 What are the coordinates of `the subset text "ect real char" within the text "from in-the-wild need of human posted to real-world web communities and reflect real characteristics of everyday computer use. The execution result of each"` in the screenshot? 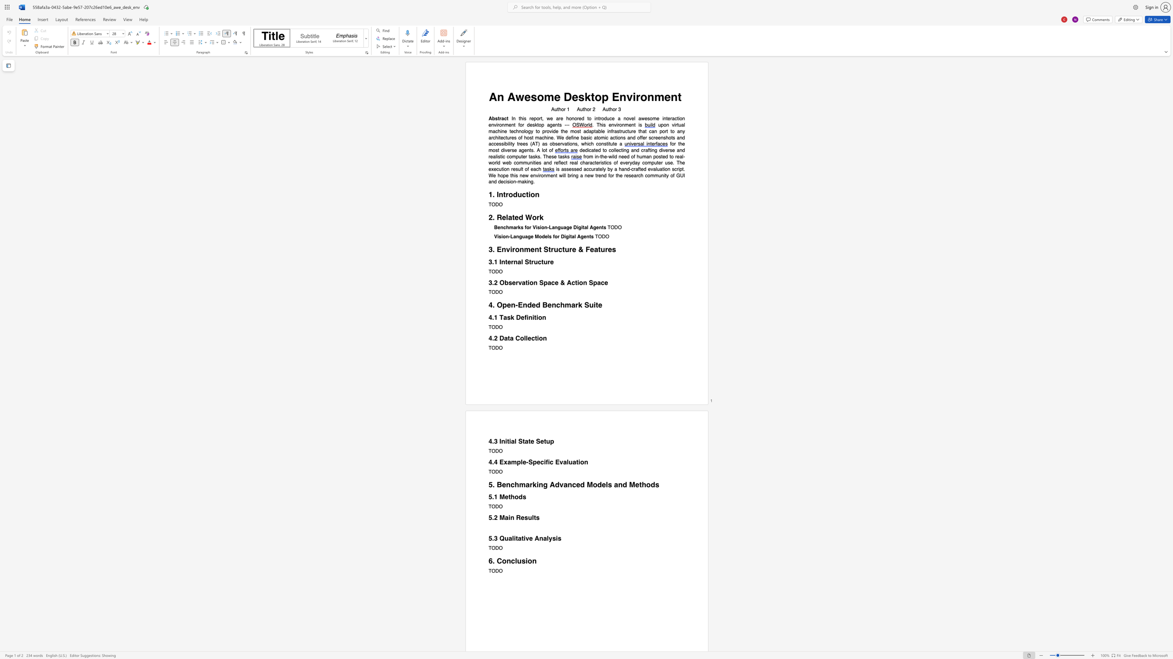 It's located at (561, 163).